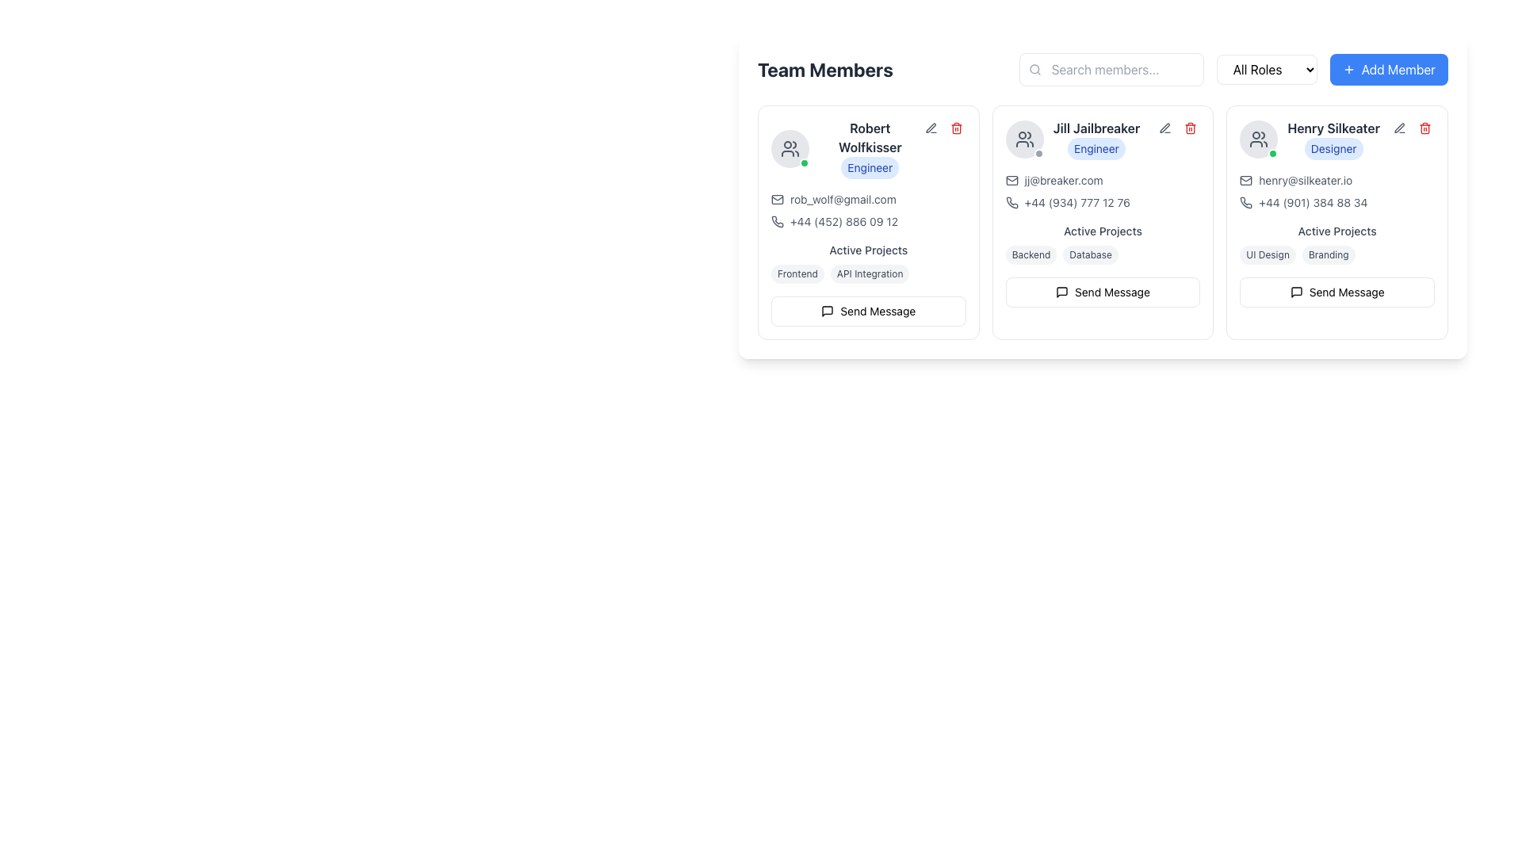  What do you see at coordinates (1258, 139) in the screenshot?
I see `the profile icon for the team member named 'Henry Silkeater', which is centrally aligned within a circular gray background at the top of the card layout` at bounding box center [1258, 139].